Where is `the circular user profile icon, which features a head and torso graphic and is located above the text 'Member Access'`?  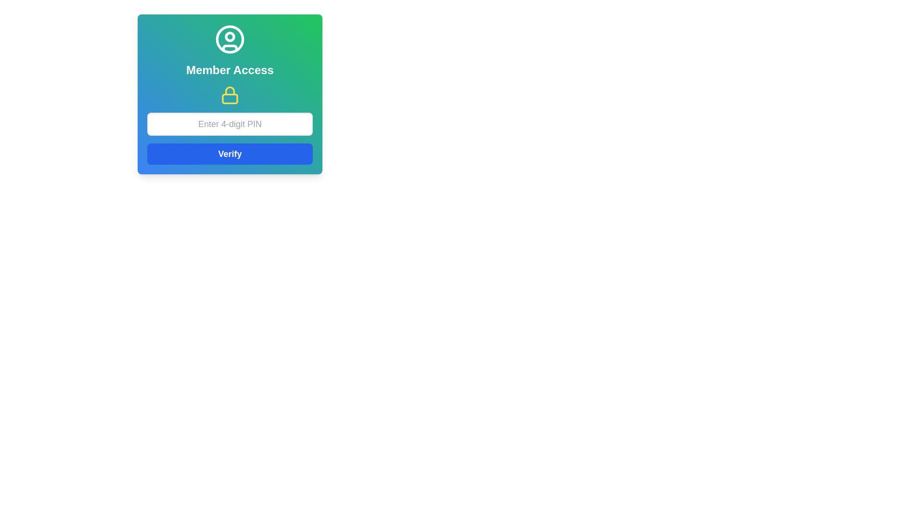
the circular user profile icon, which features a head and torso graphic and is located above the text 'Member Access' is located at coordinates (230, 39).